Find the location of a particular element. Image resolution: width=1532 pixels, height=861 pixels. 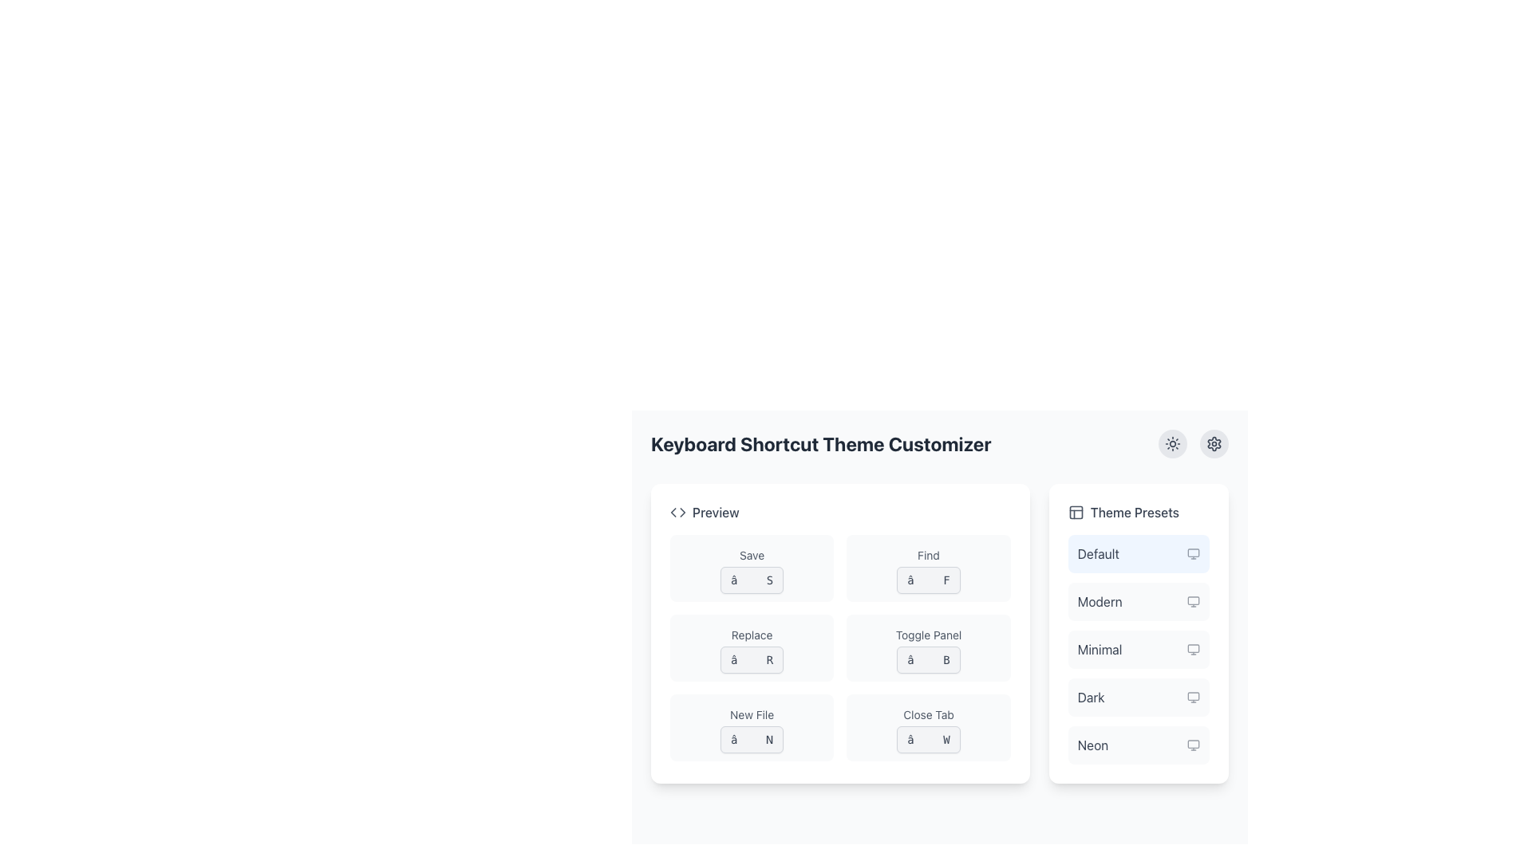

the 'Modern' theme preset button, which is the second option in the vertical list under the 'Theme Presets' section on the right-hand side of the interface is located at coordinates (1138, 602).